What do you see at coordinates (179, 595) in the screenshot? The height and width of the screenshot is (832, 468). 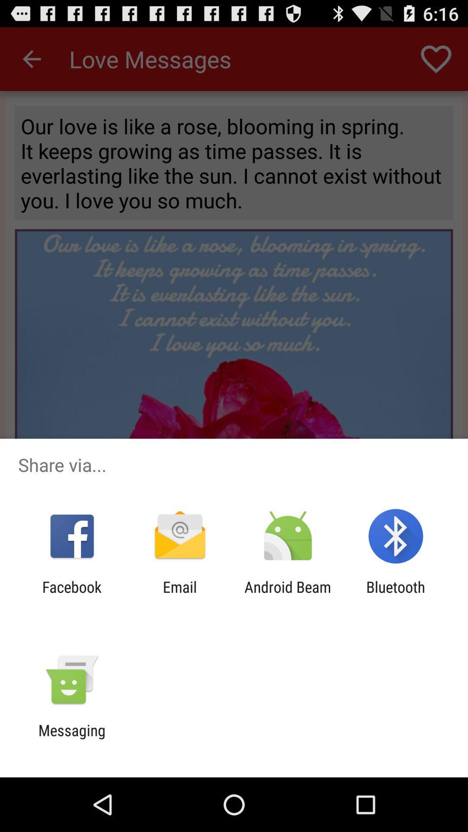 I see `app to the left of android beam app` at bounding box center [179, 595].